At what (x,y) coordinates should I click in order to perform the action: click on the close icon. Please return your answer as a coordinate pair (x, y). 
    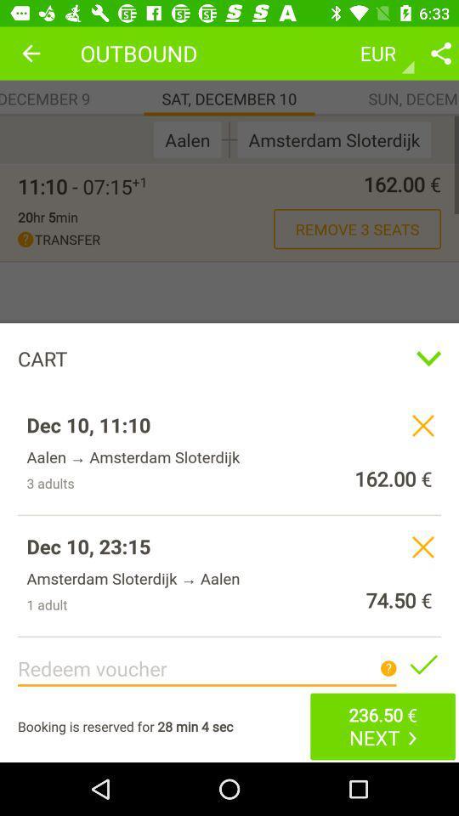
    Looking at the image, I should click on (422, 425).